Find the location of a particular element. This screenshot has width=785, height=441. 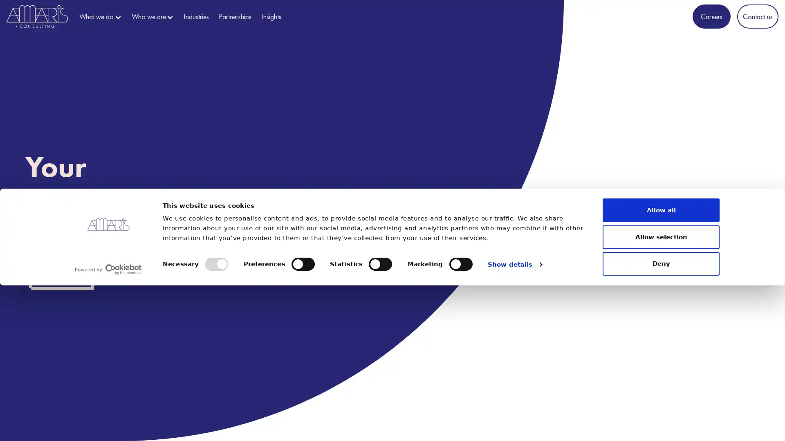

Careers is located at coordinates (711, 16).